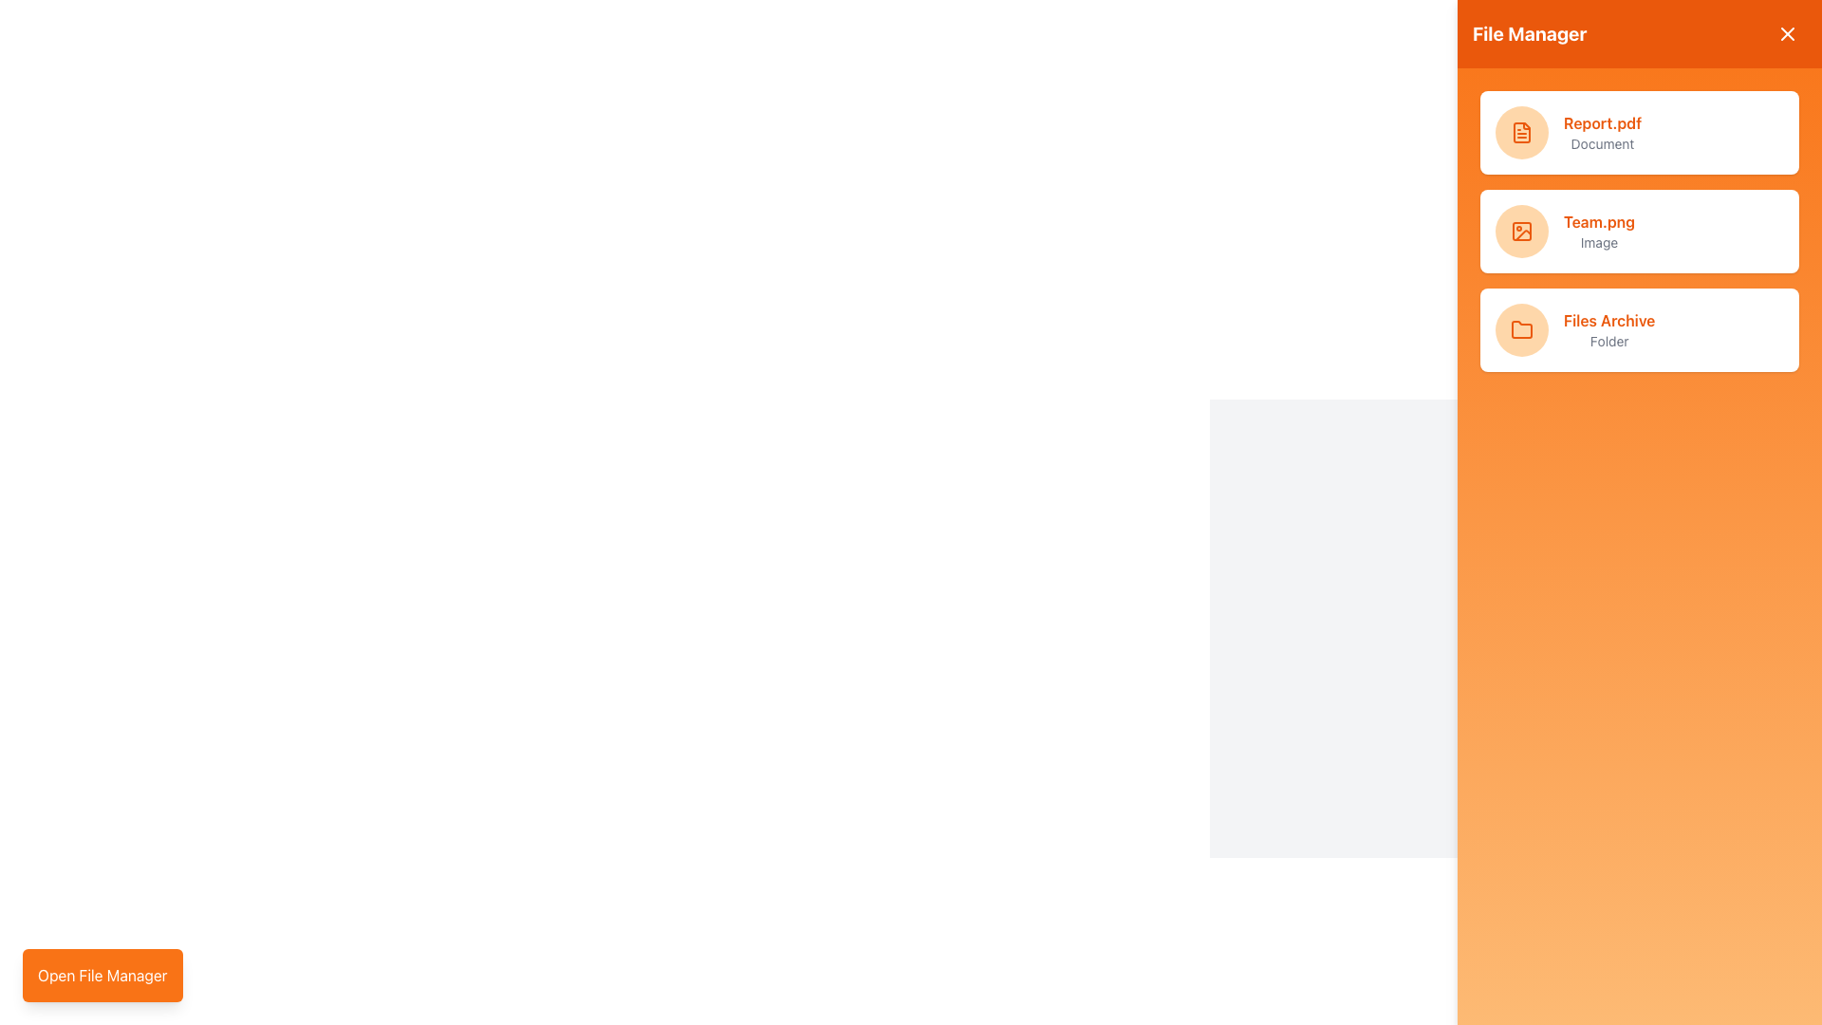 The height and width of the screenshot is (1025, 1822). Describe the element at coordinates (1786, 33) in the screenshot. I see `the close button located at the top-right corner of the 'File Manager' header` at that location.